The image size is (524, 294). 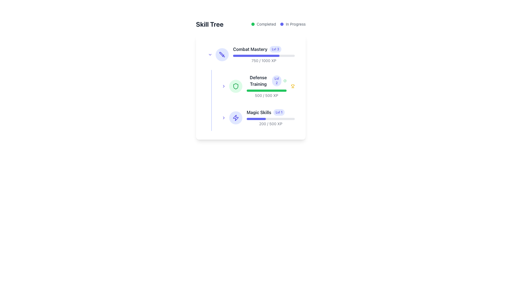 I want to click on the informational label displaying the achieved experience points for 'Defense Training', located under the progress bar and adjacent to the 'Lvl 2' badge and green checkmark icon, so click(x=266, y=95).